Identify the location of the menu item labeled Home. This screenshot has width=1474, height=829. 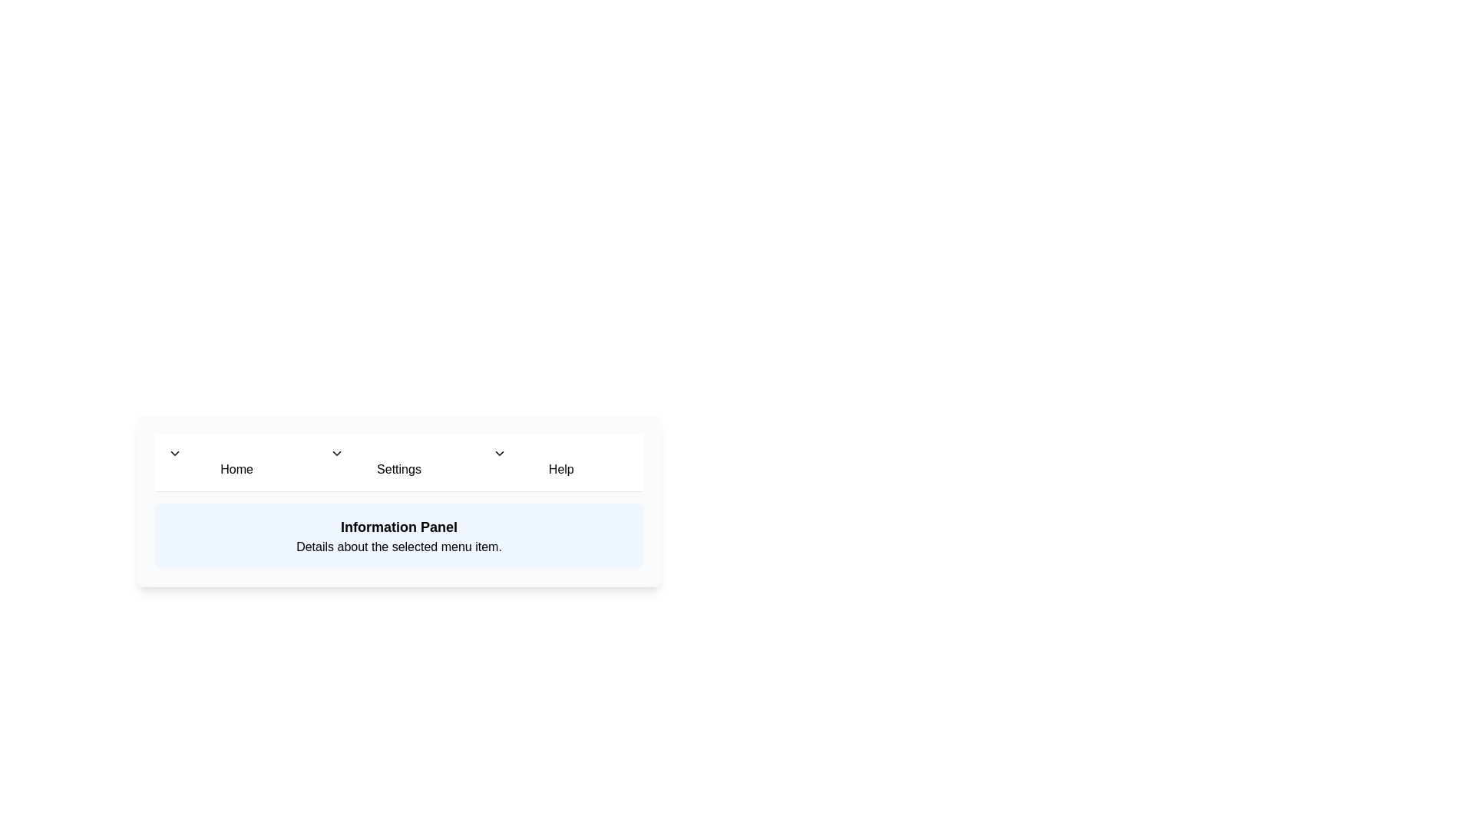
(236, 461).